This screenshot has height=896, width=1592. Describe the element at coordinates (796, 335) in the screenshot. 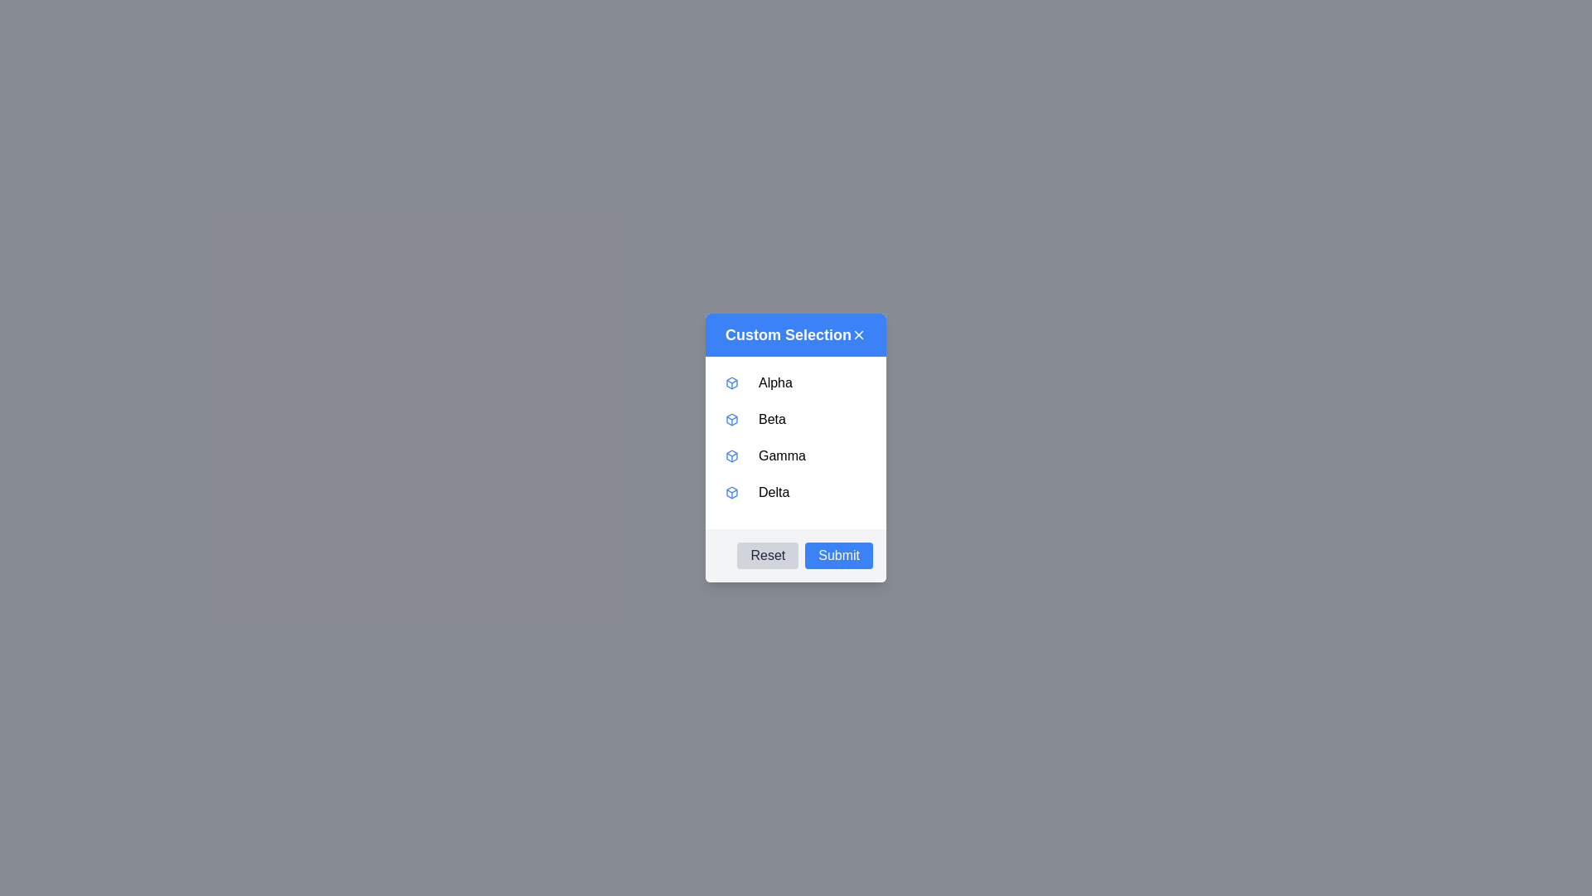

I see `the Header bar of the modal window labeled 'Custom Selection', which spans the entire width at the top of the modal` at that location.